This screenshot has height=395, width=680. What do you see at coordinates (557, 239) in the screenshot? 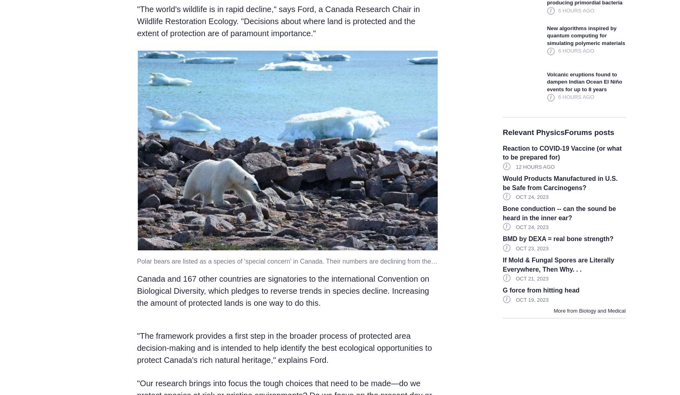
I see `'BMD by DEXA = real bone strength?'` at bounding box center [557, 239].